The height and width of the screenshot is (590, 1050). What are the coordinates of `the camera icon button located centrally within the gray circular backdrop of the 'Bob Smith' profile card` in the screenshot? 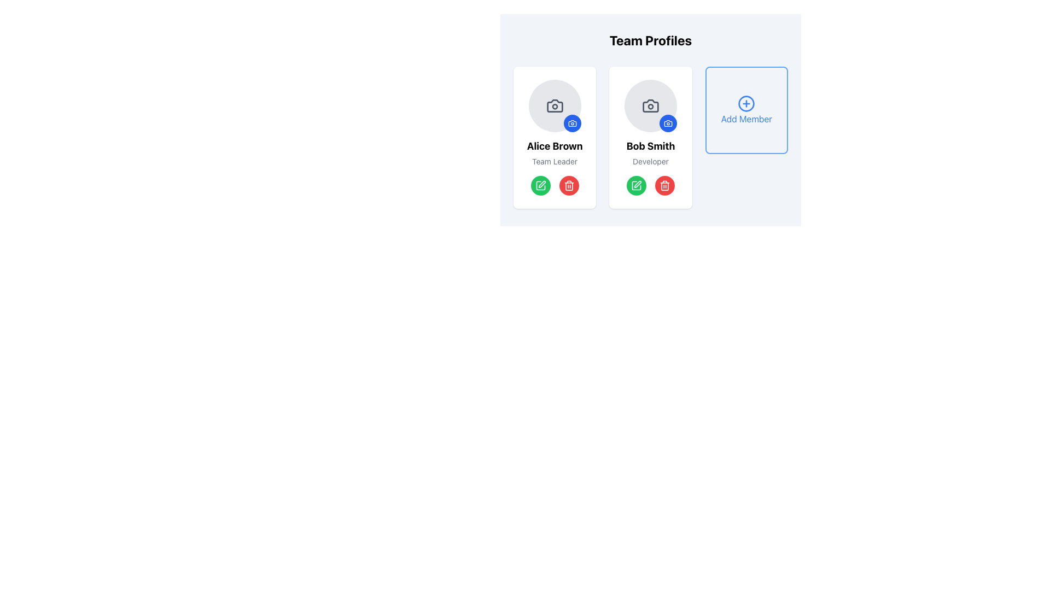 It's located at (651, 105).